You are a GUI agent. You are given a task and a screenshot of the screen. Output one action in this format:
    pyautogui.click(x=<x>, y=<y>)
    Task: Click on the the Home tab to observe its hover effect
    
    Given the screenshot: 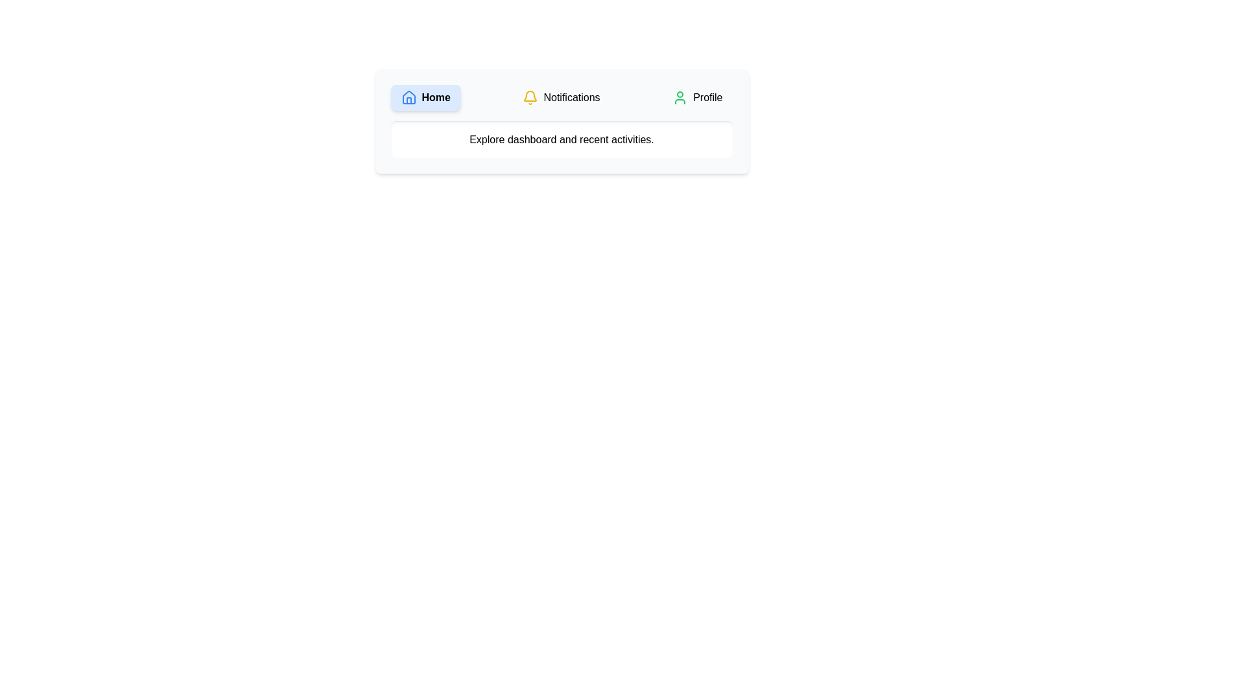 What is the action you would take?
    pyautogui.click(x=425, y=97)
    